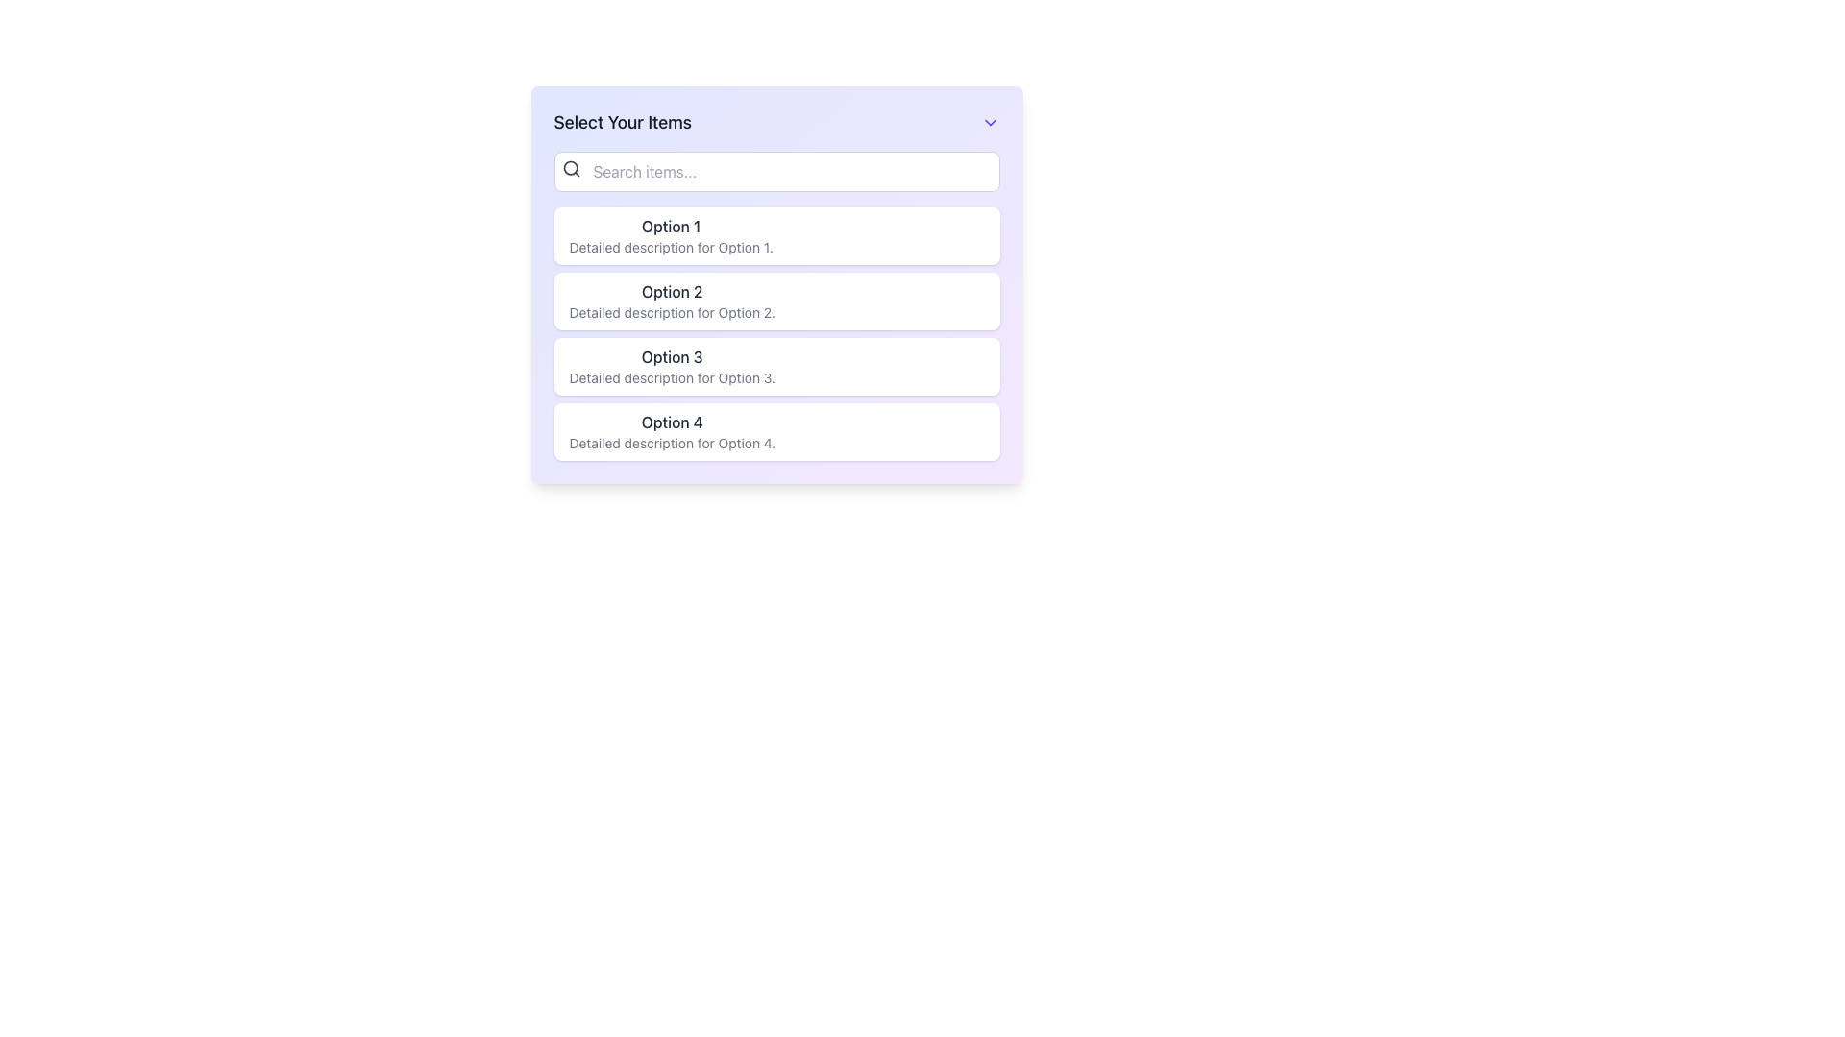 This screenshot has height=1037, width=1845. Describe the element at coordinates (776, 301) in the screenshot. I see `the second list item that displays 'Option 2' with a detailed description to trigger additional styling effects` at that location.